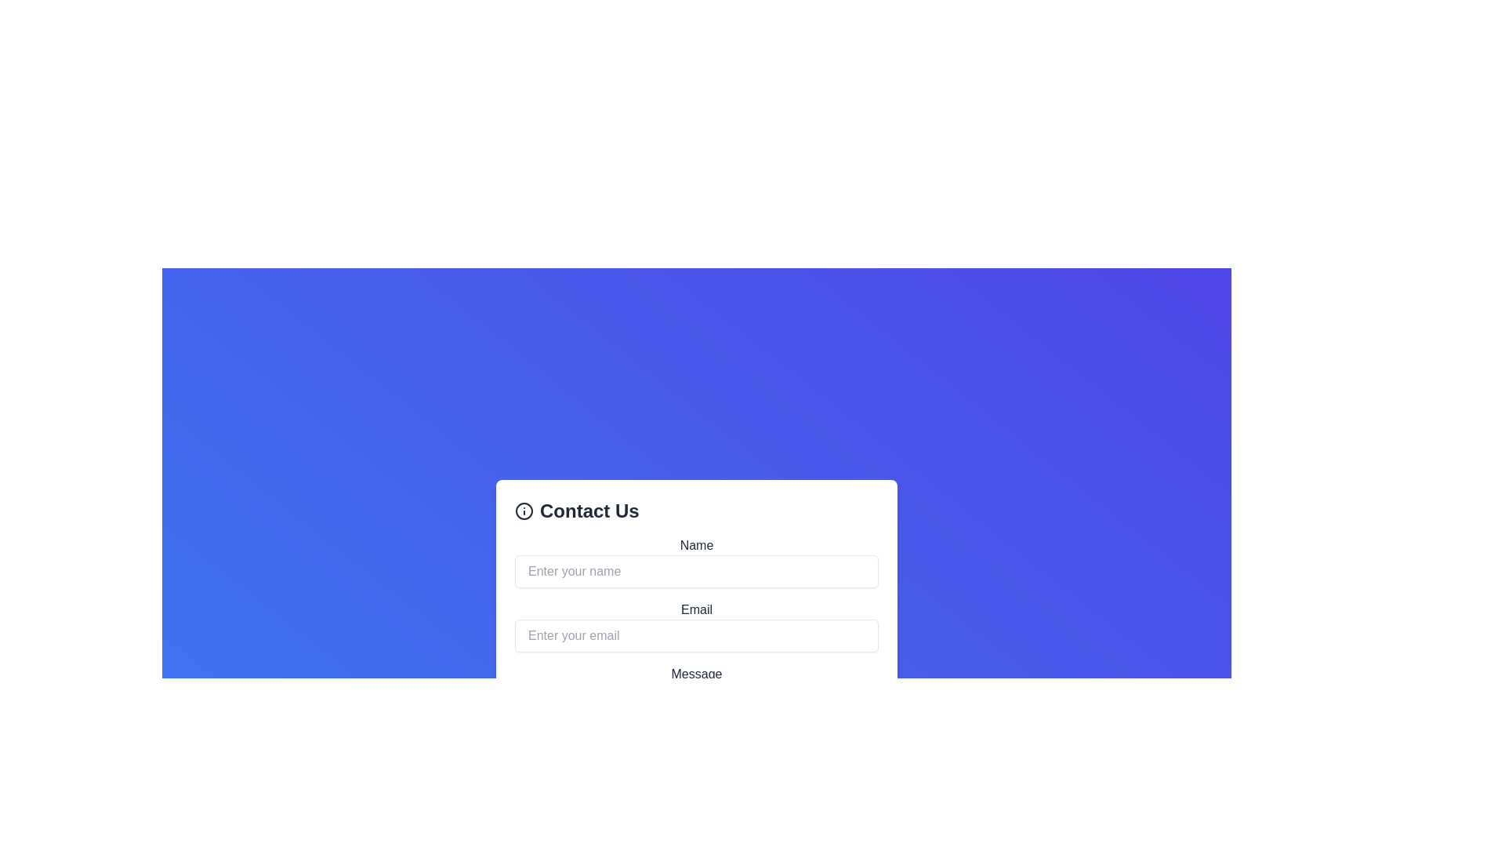 The height and width of the screenshot is (847, 1505). I want to click on the primary SVG Circle that forms the outer boundary of the 'info' icon, located to the left of the 'Contact Us' text in the top section of the form, so click(524, 511).